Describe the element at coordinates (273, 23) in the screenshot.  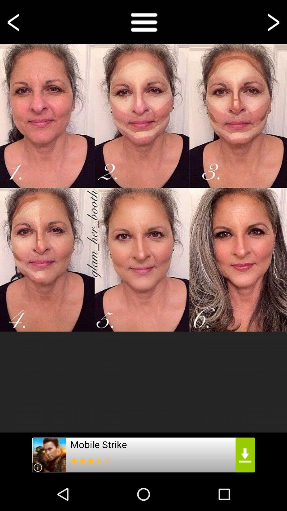
I see `the arrow_forward icon` at that location.